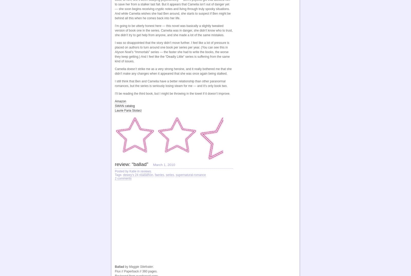  I want to click on 'Ballad', so click(119, 266).